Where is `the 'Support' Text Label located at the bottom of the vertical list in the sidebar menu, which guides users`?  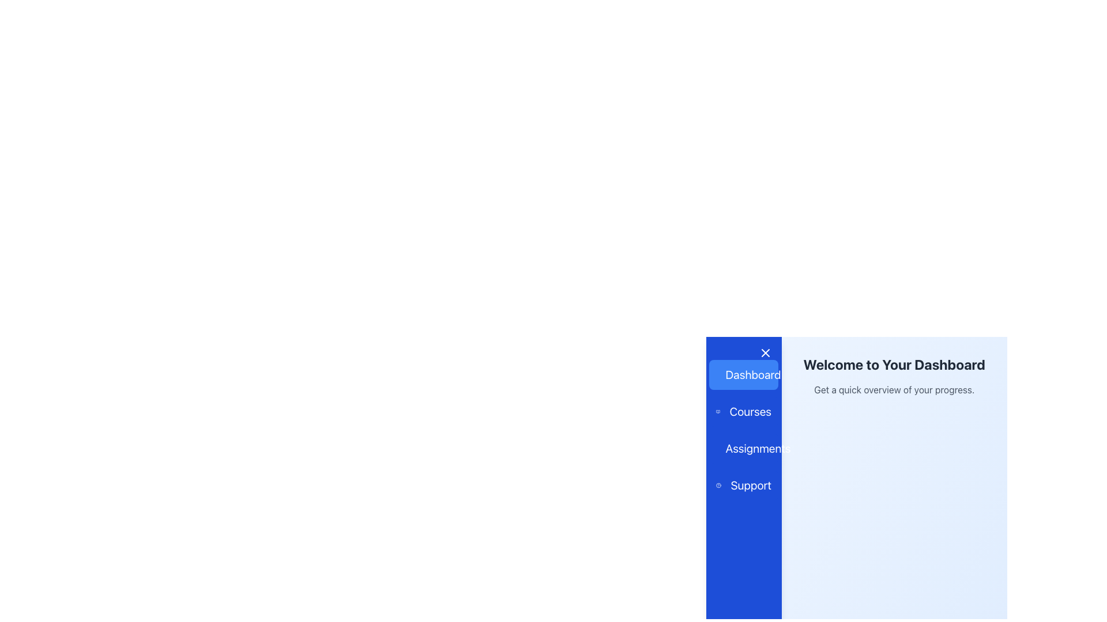 the 'Support' Text Label located at the bottom of the vertical list in the sidebar menu, which guides users is located at coordinates (751, 486).